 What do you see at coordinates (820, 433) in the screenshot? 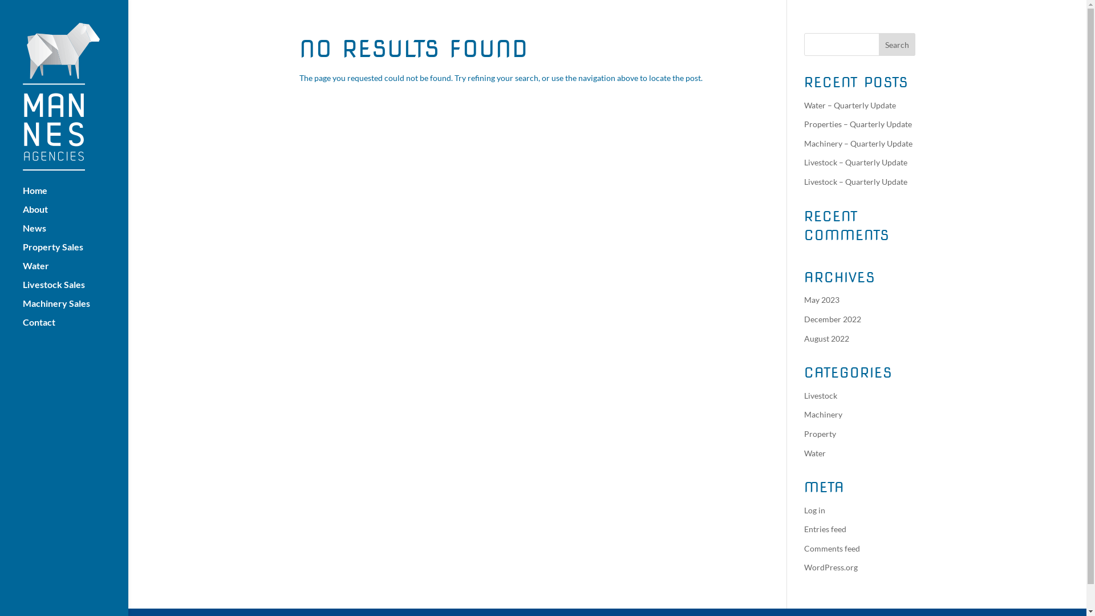
I see `'Property'` at bounding box center [820, 433].